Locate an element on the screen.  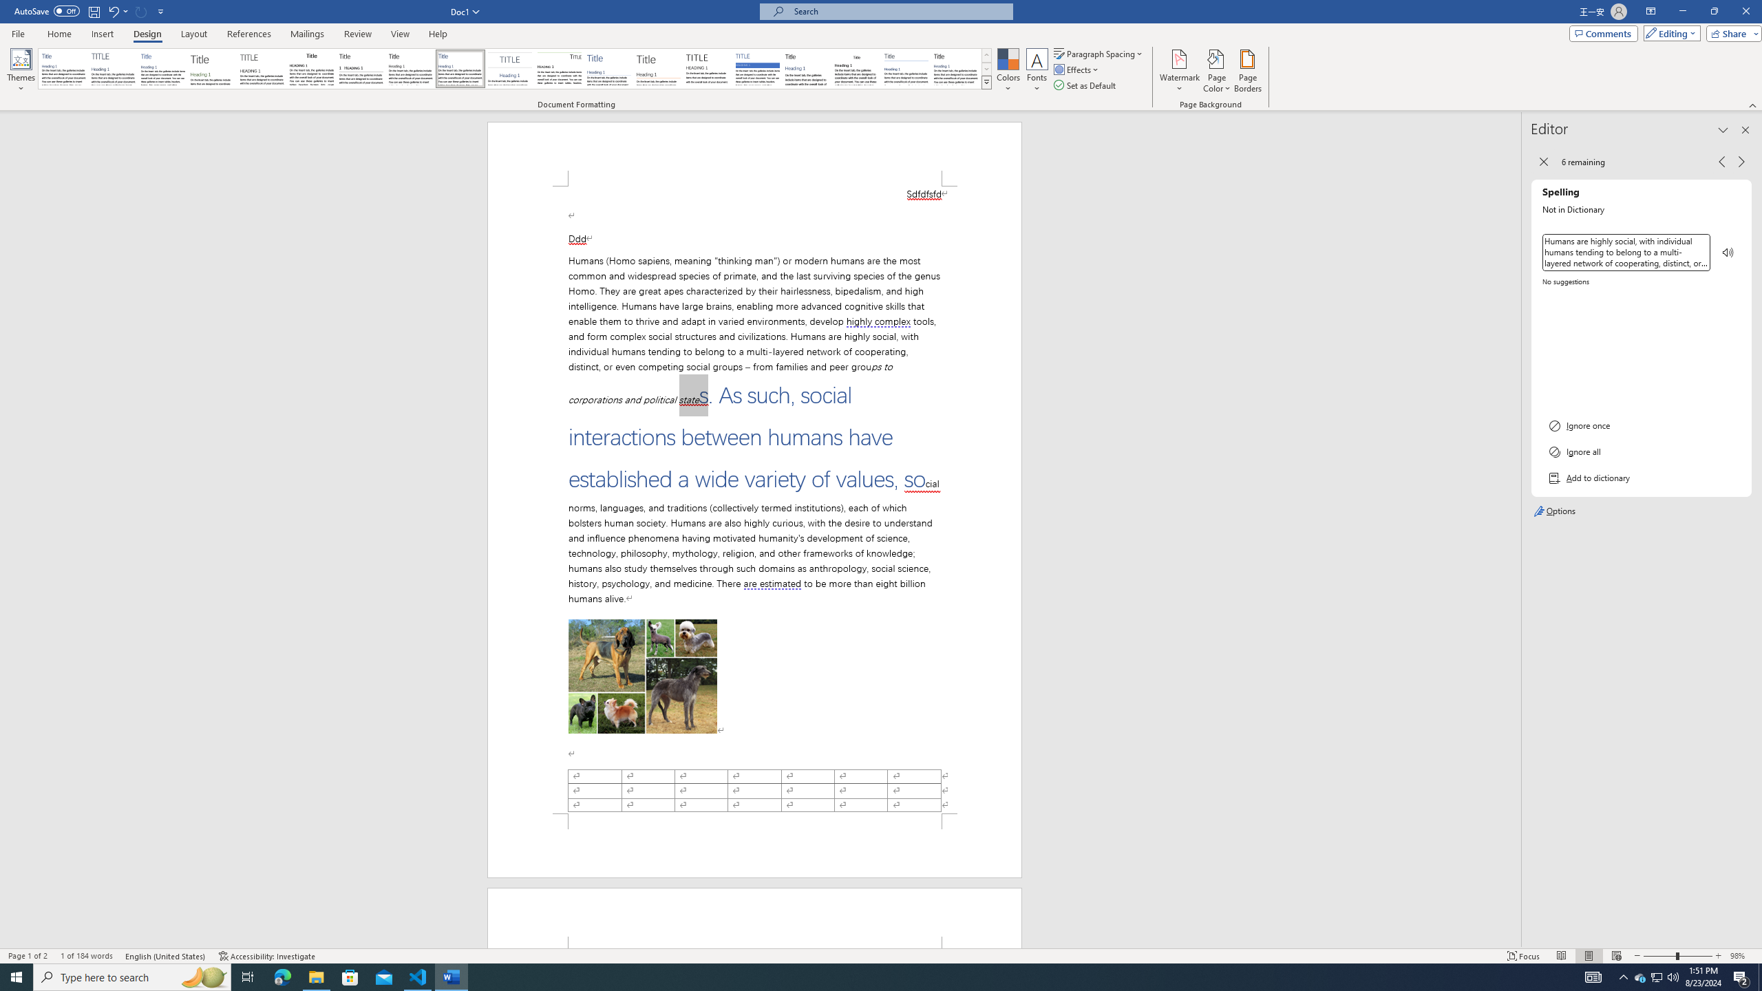
'Themes' is located at coordinates (20, 71).